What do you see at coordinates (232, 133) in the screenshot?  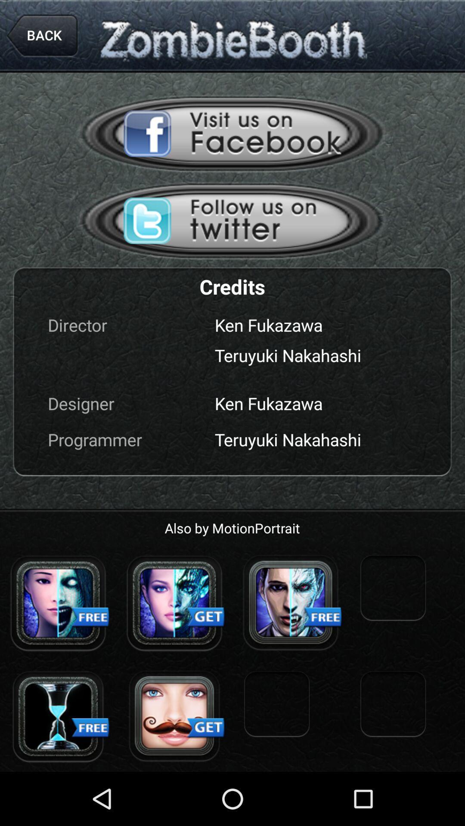 I see `open facebook page` at bounding box center [232, 133].